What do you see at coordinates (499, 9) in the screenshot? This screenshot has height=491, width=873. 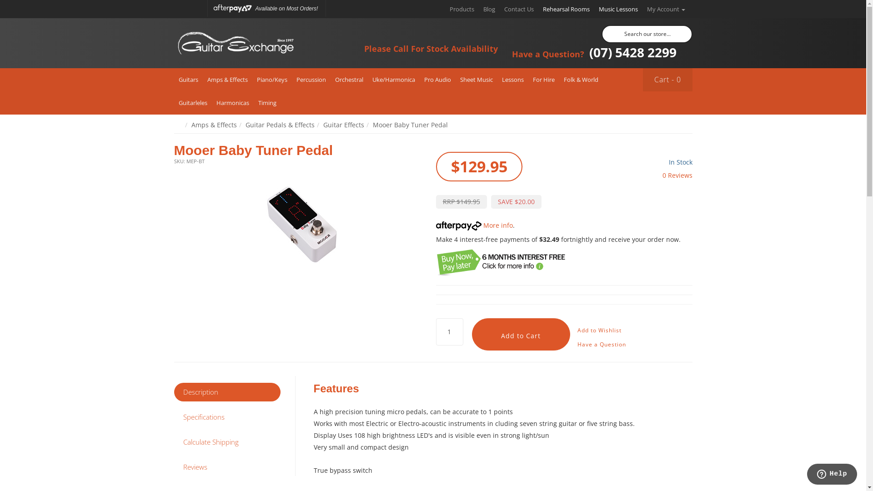 I see `'Contact Us'` at bounding box center [499, 9].